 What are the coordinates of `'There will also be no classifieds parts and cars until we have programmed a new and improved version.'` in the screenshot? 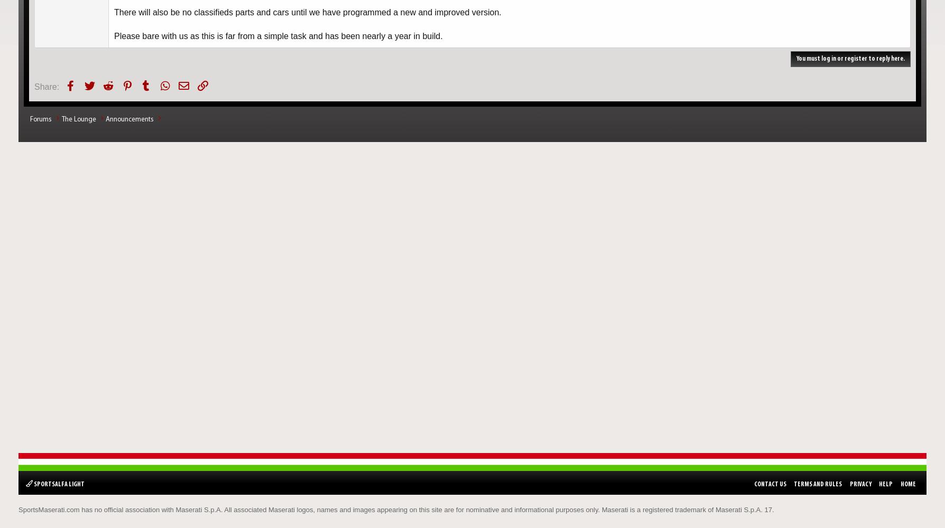 It's located at (307, 12).